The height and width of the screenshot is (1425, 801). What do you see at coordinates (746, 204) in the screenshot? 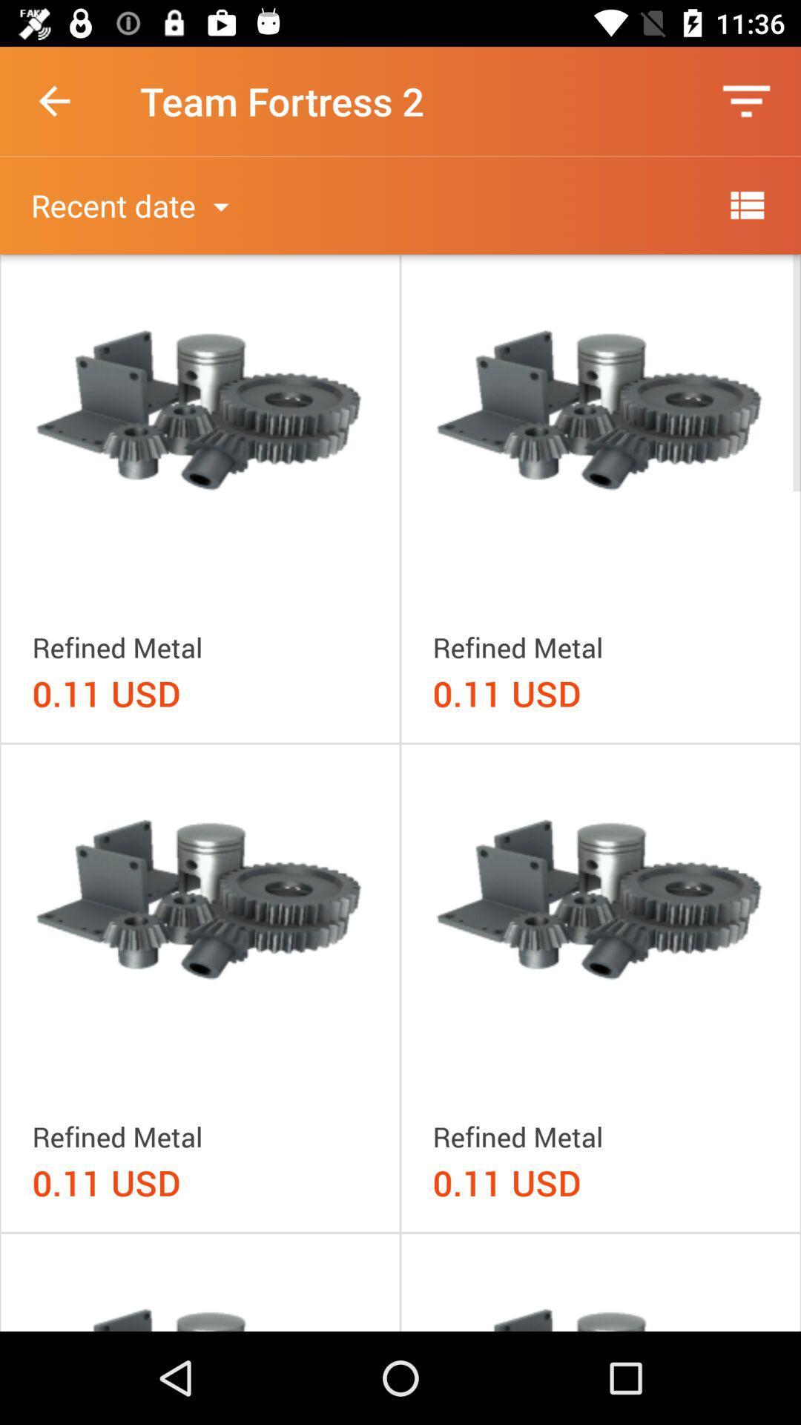
I see `the list icon` at bounding box center [746, 204].